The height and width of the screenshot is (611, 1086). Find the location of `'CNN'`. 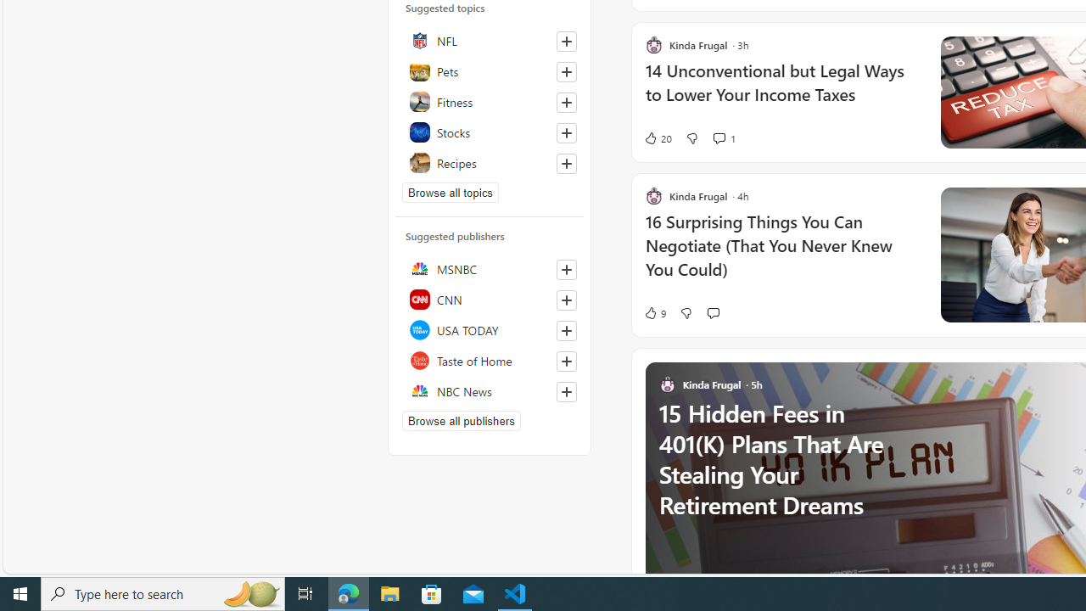

'CNN' is located at coordinates (489, 299).